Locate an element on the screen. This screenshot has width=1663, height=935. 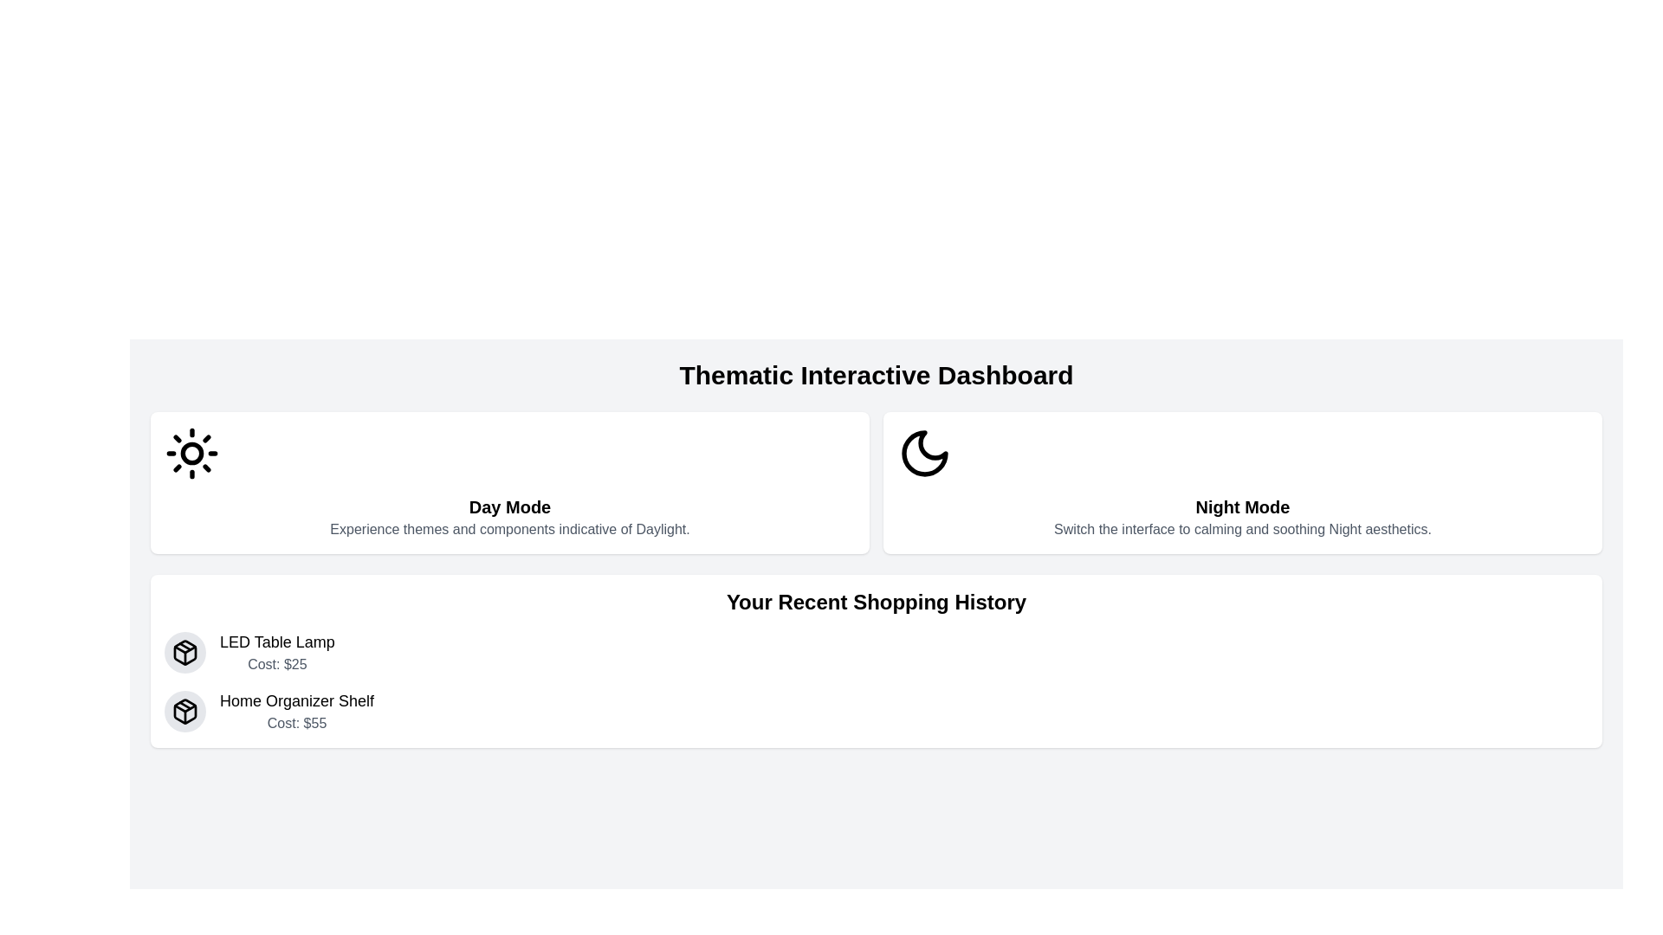
the package icon located in the 'Your Recent Shopping History' panel, which is styled in black with a circular light gray background and positioned to the left of the 'LED Table Lamp' text is located at coordinates (185, 652).